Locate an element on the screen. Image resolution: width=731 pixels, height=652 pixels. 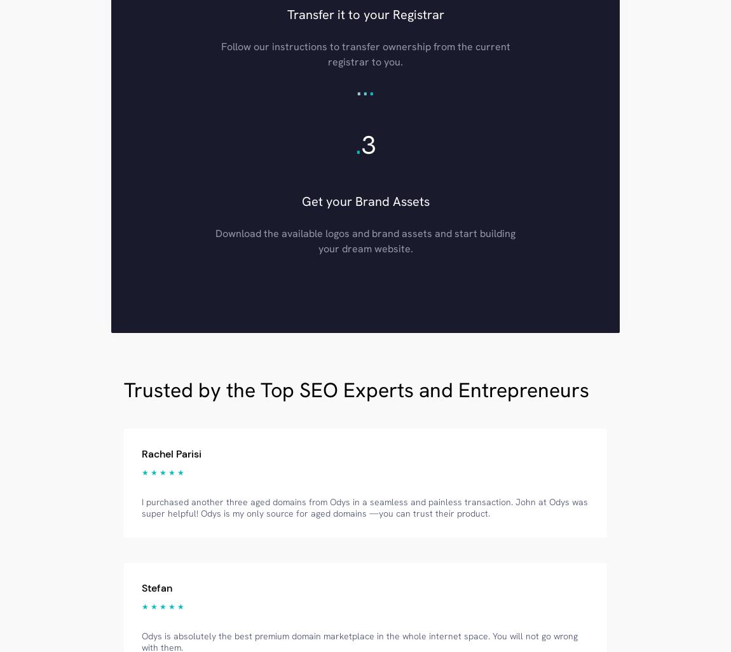
'Get your Brand Assets' is located at coordinates (365, 201).